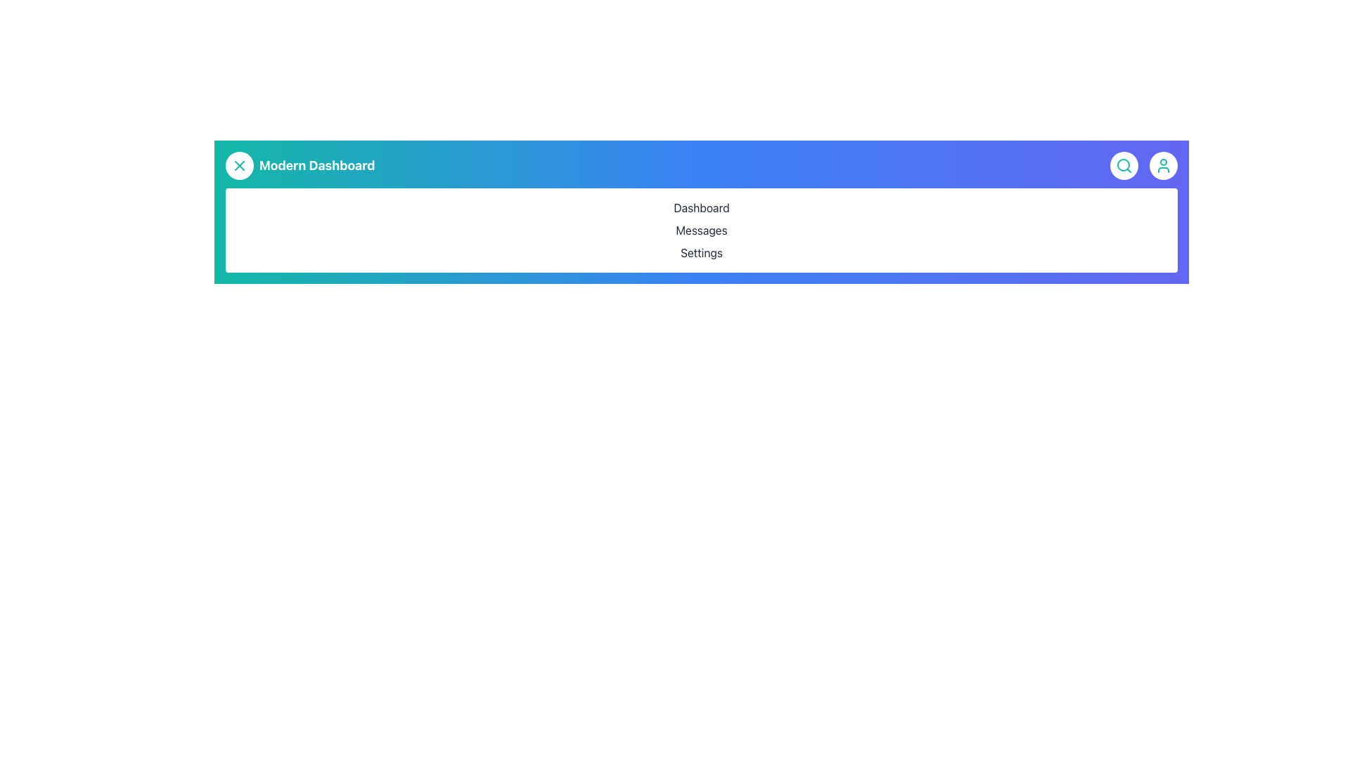 Image resolution: width=1350 pixels, height=759 pixels. I want to click on the circular button located in the top-right corner of the user interface, which has a white background and teal border, so click(1123, 164).